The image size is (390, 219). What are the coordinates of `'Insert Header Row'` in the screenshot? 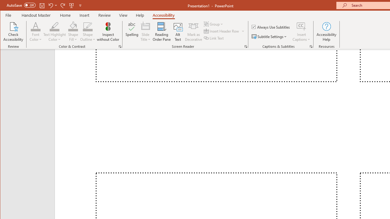 It's located at (224, 31).